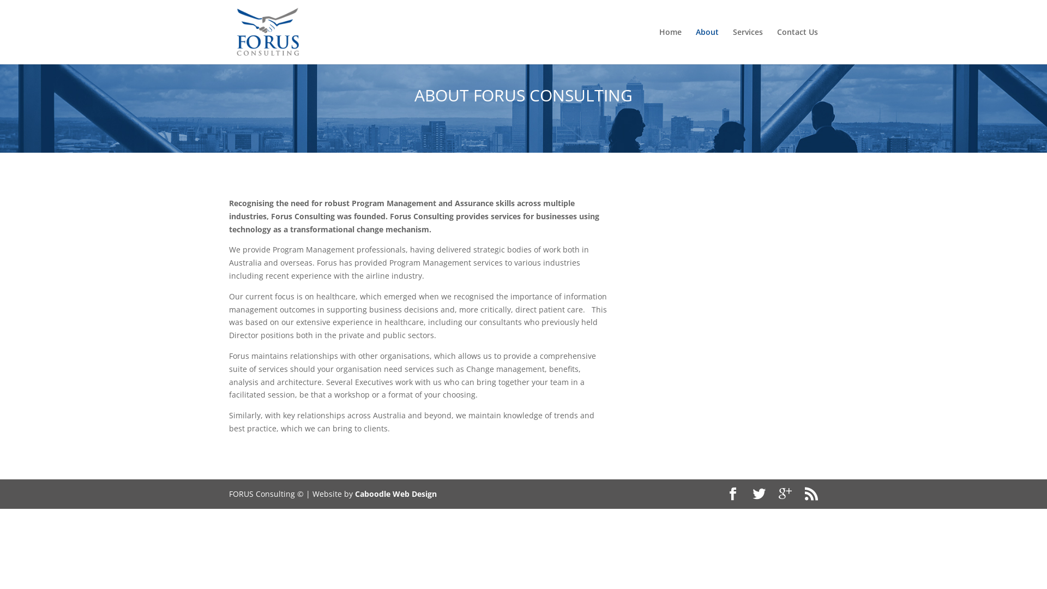  What do you see at coordinates (670, 45) in the screenshot?
I see `'Home'` at bounding box center [670, 45].